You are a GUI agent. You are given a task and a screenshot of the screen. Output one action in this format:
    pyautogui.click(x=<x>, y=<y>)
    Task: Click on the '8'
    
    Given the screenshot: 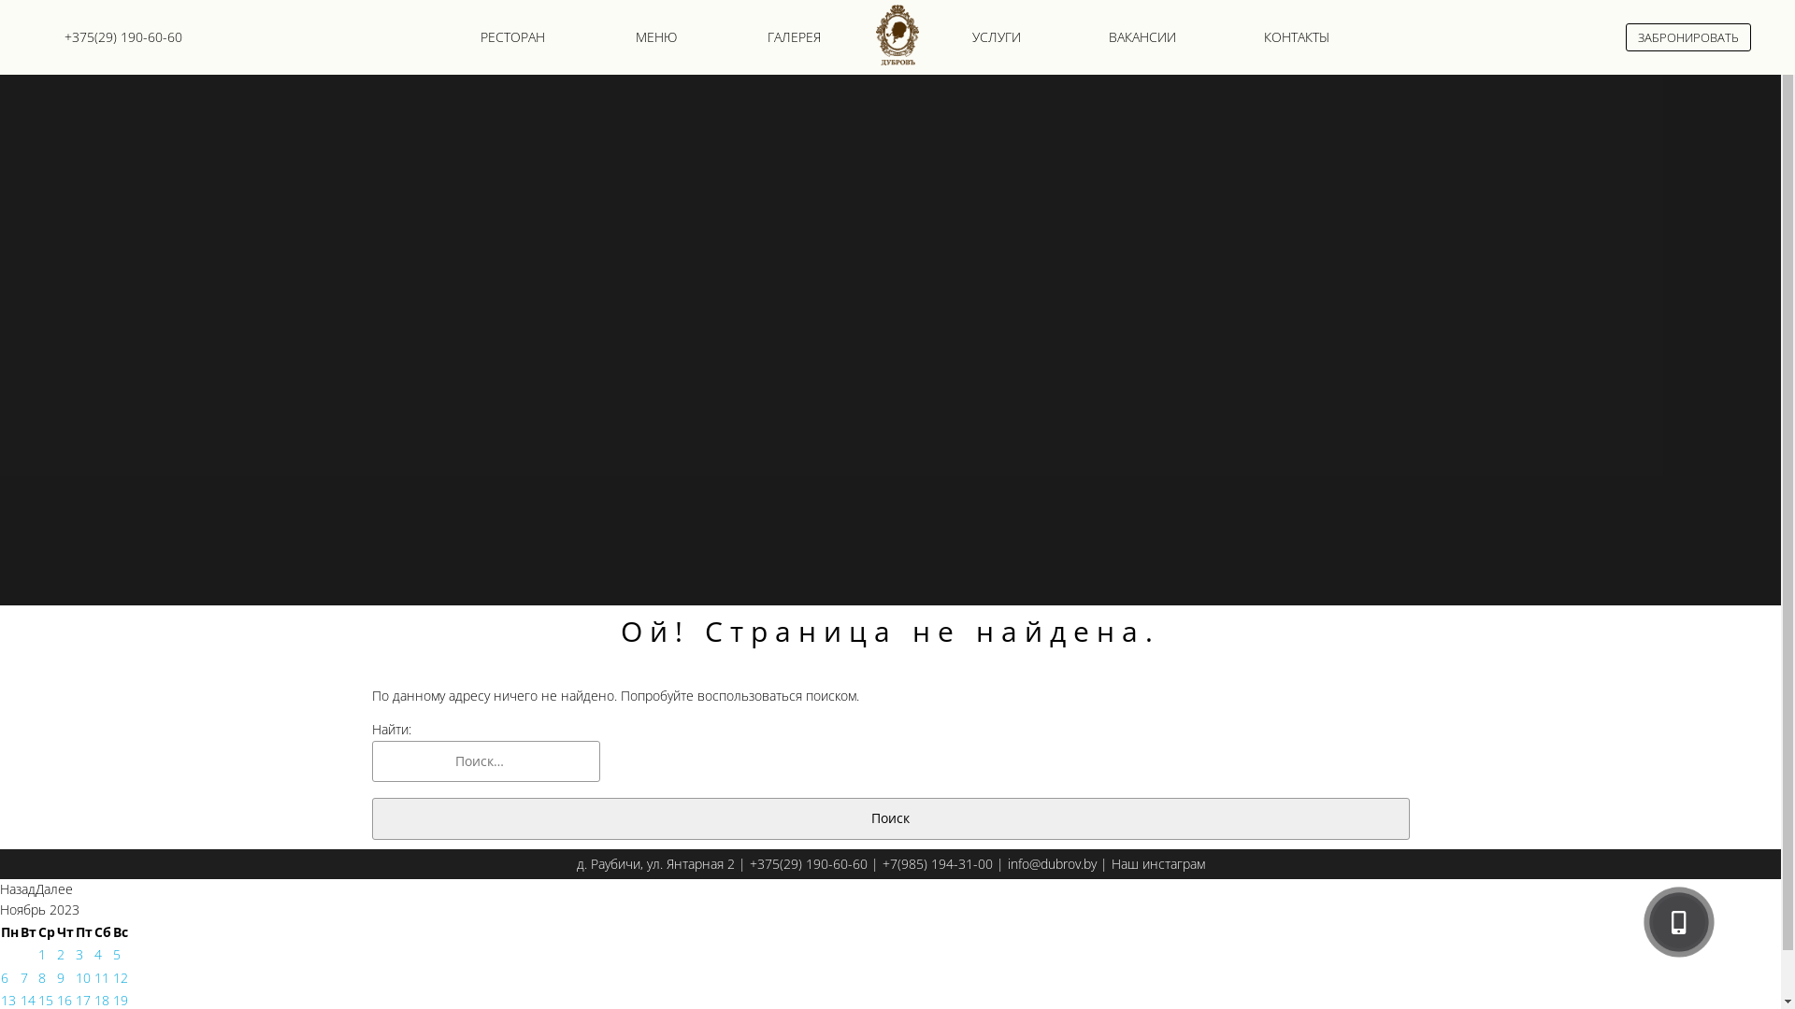 What is the action you would take?
    pyautogui.click(x=41, y=976)
    